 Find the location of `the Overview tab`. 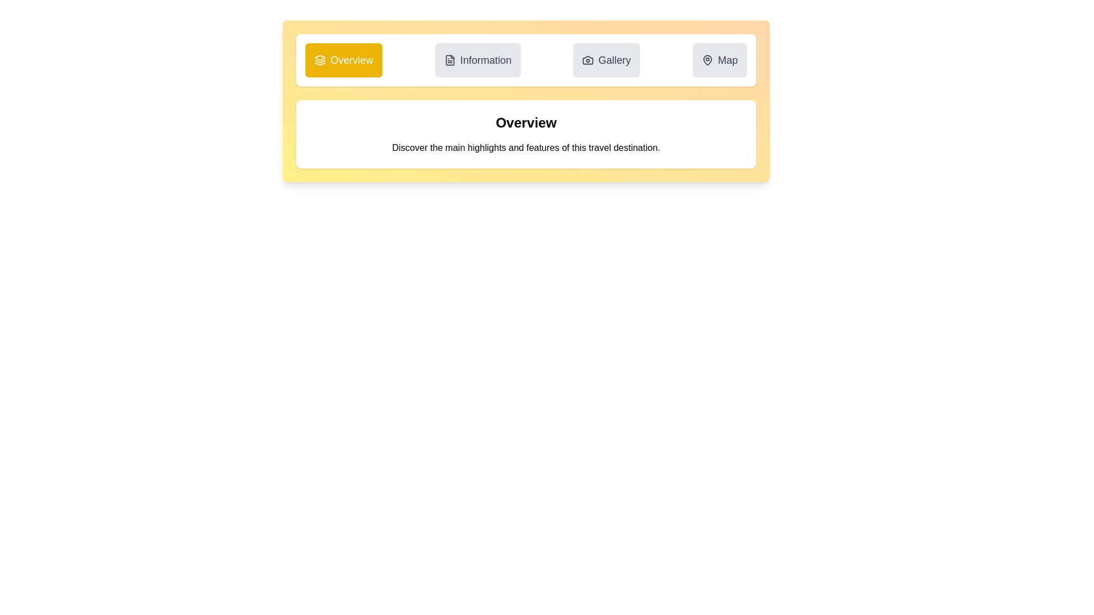

the Overview tab is located at coordinates (343, 60).